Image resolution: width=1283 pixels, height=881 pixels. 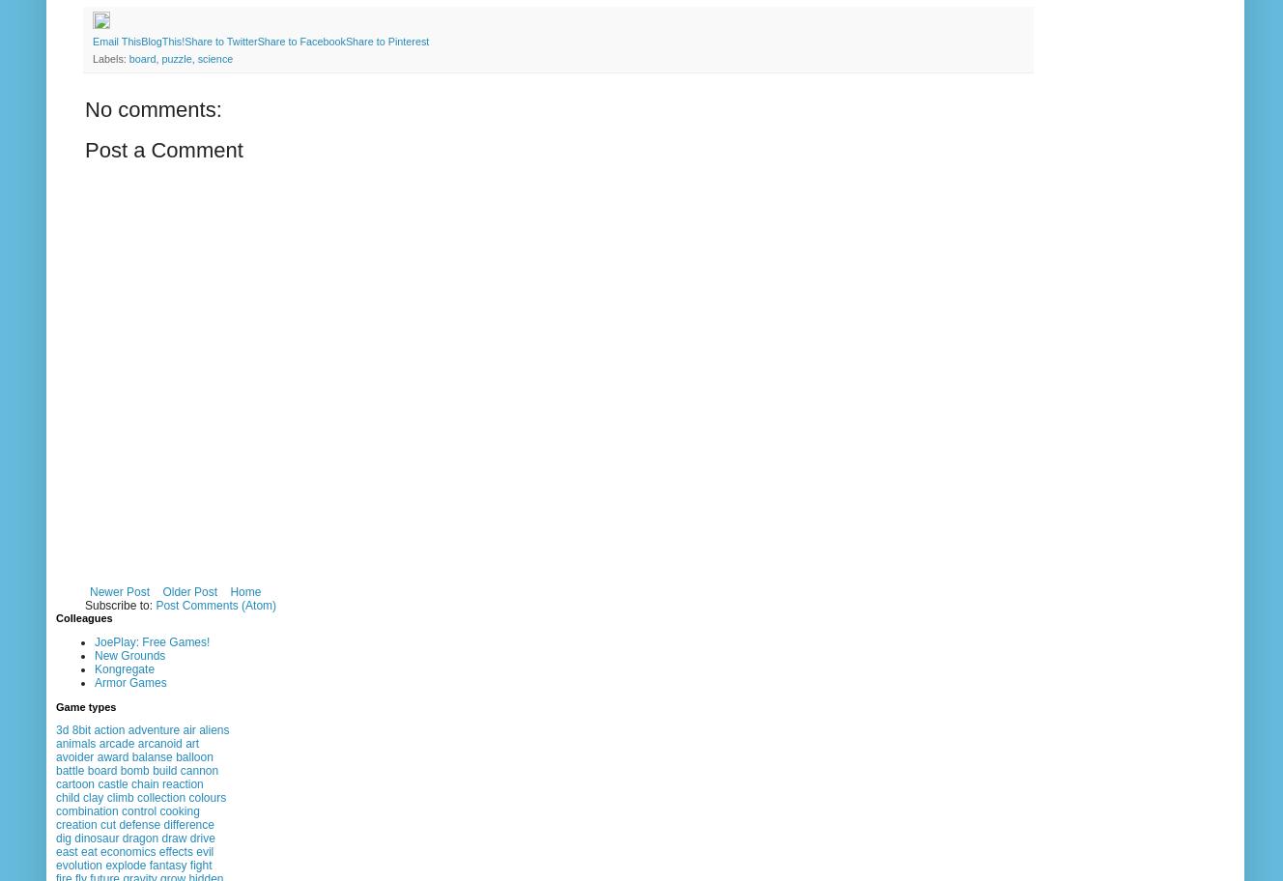 I want to click on 'control', so click(x=121, y=811).